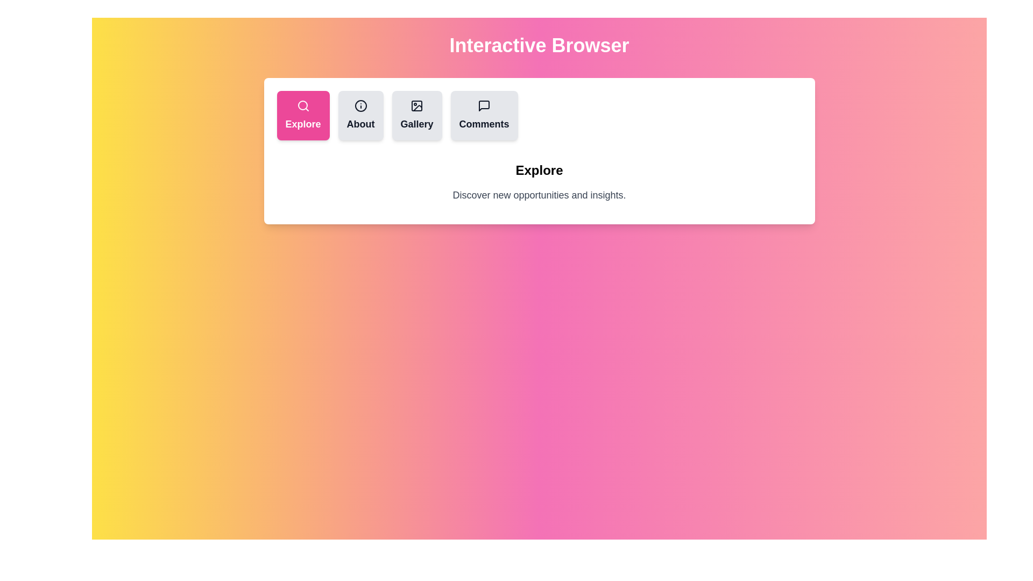 The height and width of the screenshot is (581, 1033). Describe the element at coordinates (360, 116) in the screenshot. I see `the tab button labeled About to observe the visual feedback effect` at that location.